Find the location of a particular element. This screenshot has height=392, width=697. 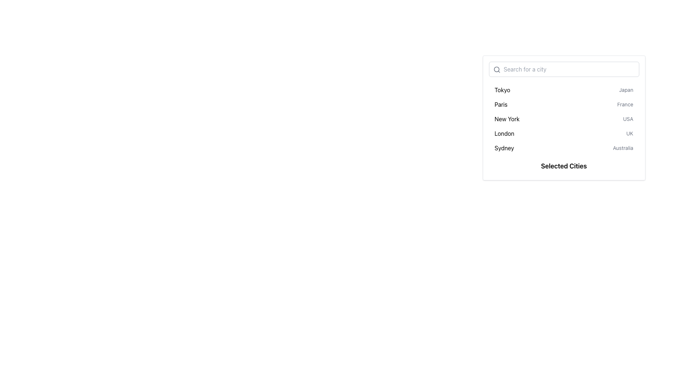

the circular graphical element of the search icon located in the top-left corner of the search input field, which indicates the search functionality is located at coordinates (496, 69).